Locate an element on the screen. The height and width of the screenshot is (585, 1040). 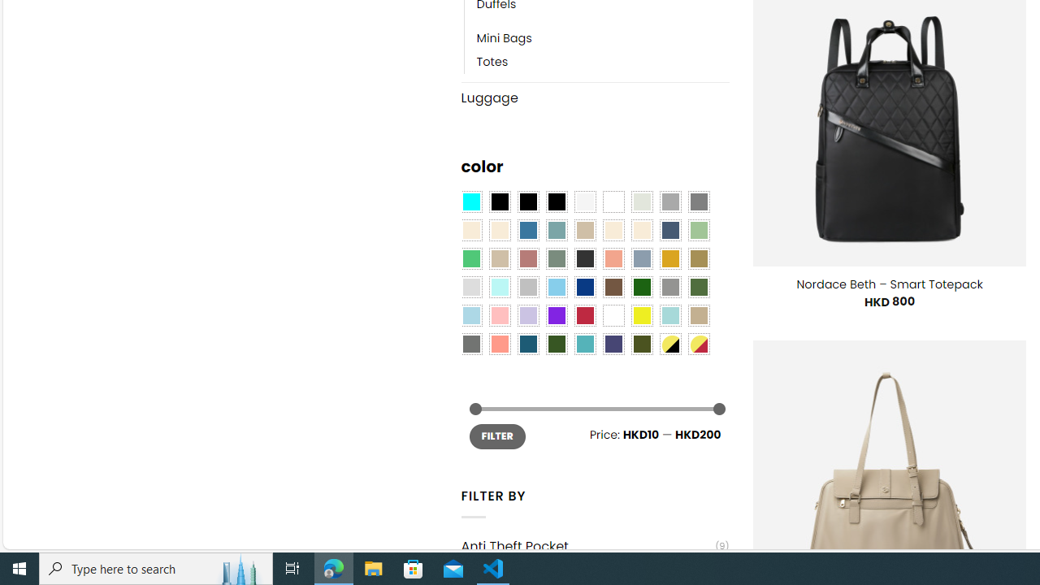
'Hale Navy' is located at coordinates (669, 230).